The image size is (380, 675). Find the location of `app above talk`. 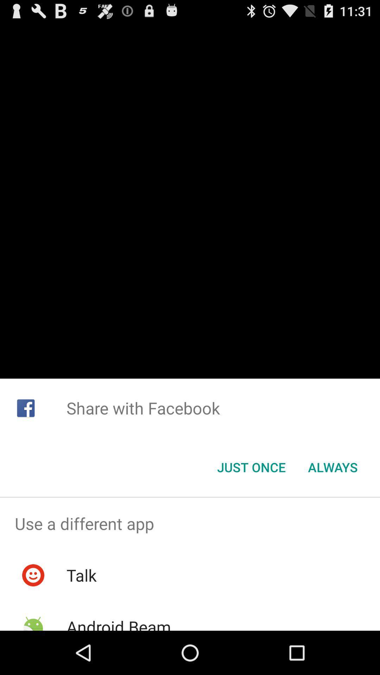

app above talk is located at coordinates (190, 523).